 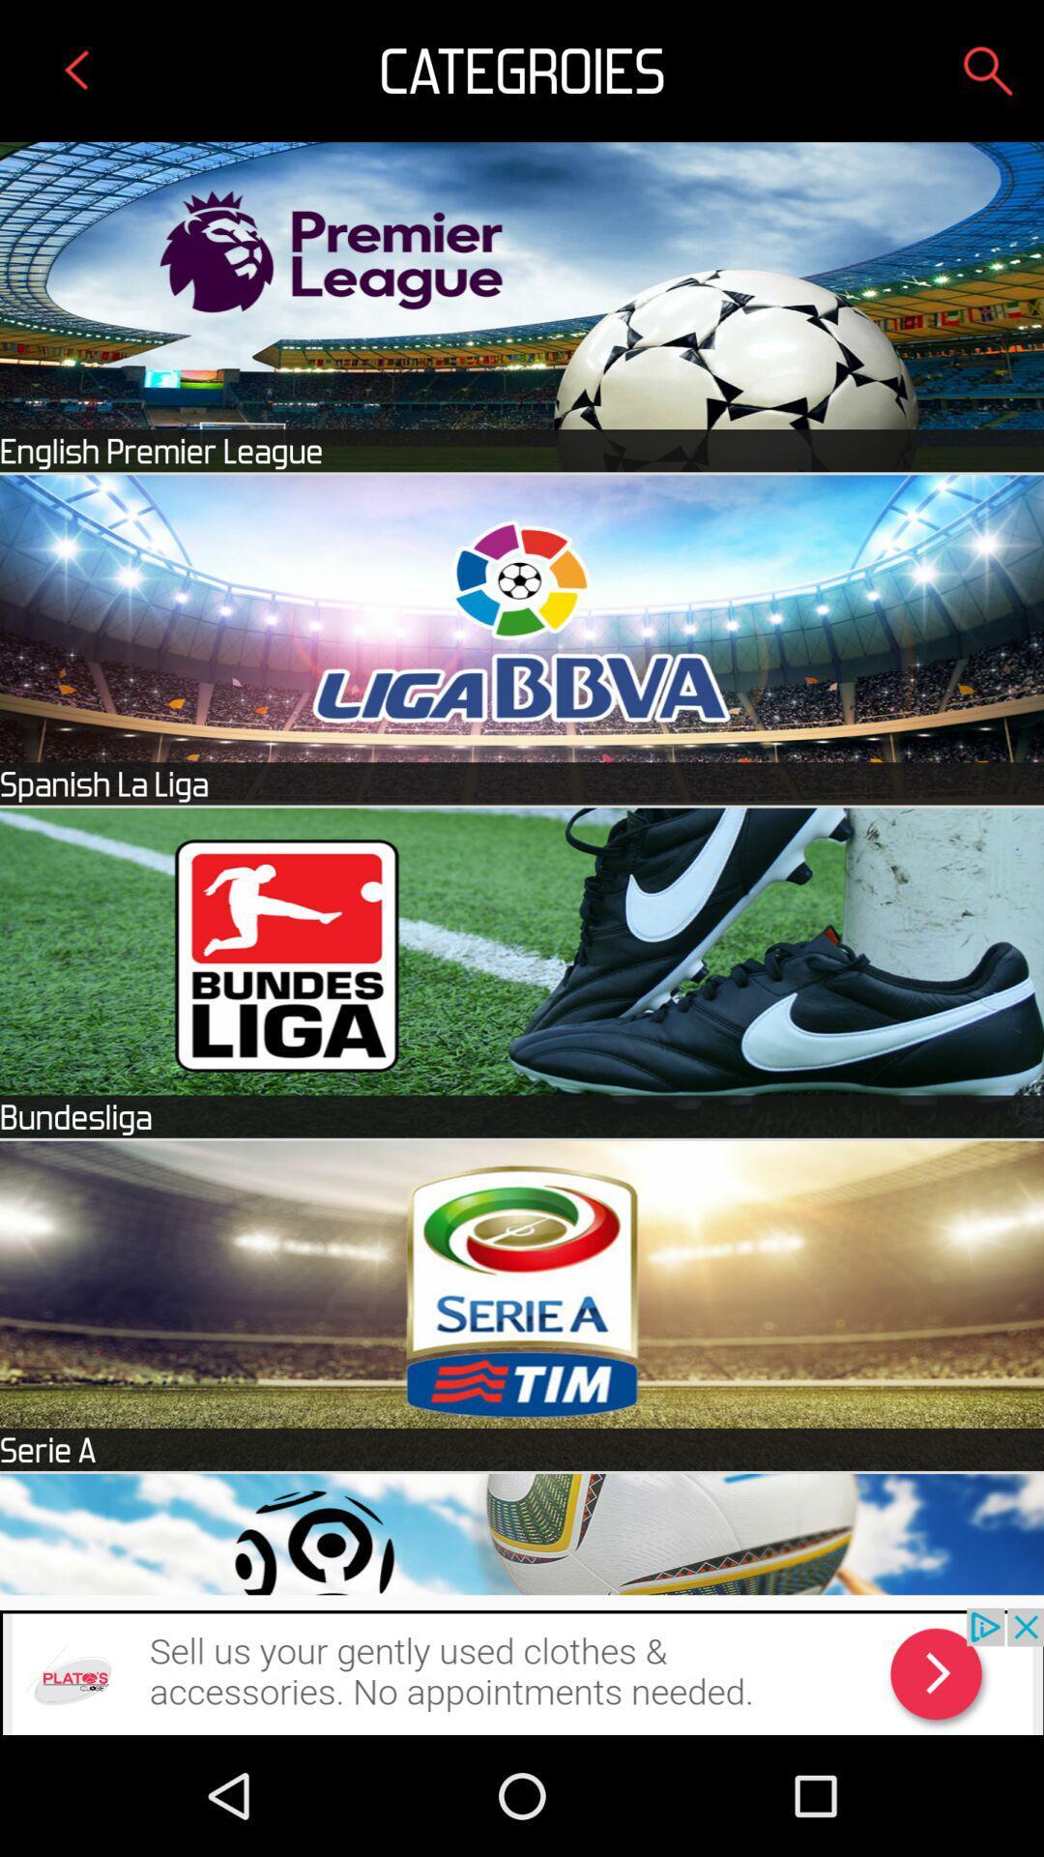 What do you see at coordinates (522, 1670) in the screenshot?
I see `see advertisement` at bounding box center [522, 1670].